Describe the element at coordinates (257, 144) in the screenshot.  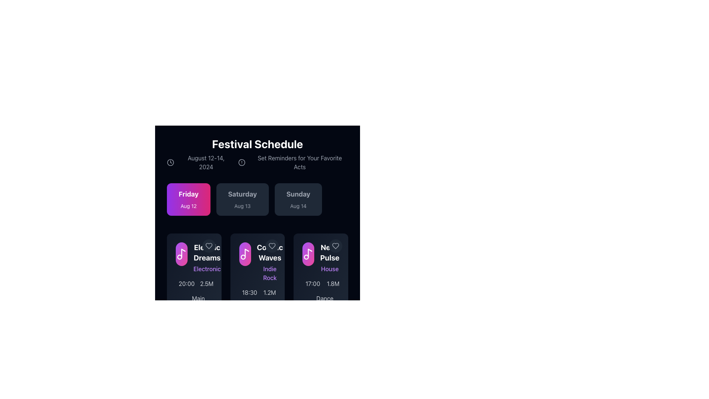
I see `the header text label for the festival schedule section` at that location.